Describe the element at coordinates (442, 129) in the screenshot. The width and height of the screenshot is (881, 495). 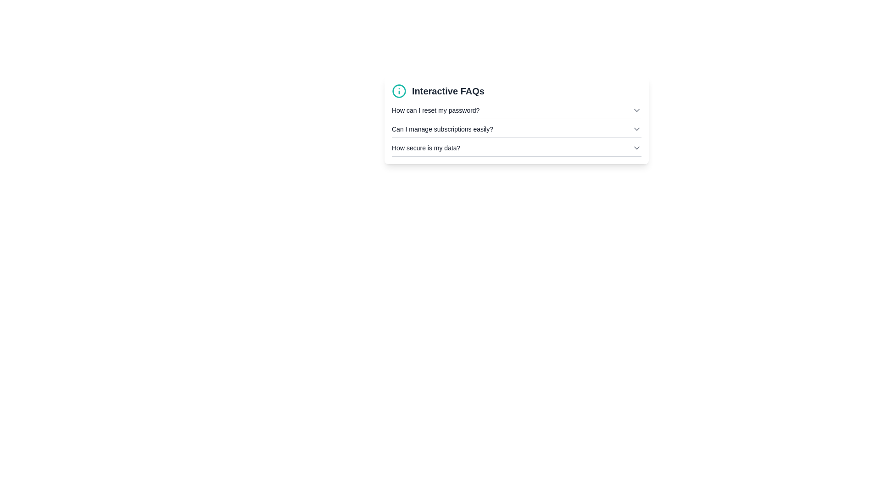
I see `the text label that reads 'Can I manage subscriptions easily?' which is the second line in the FAQ list` at that location.